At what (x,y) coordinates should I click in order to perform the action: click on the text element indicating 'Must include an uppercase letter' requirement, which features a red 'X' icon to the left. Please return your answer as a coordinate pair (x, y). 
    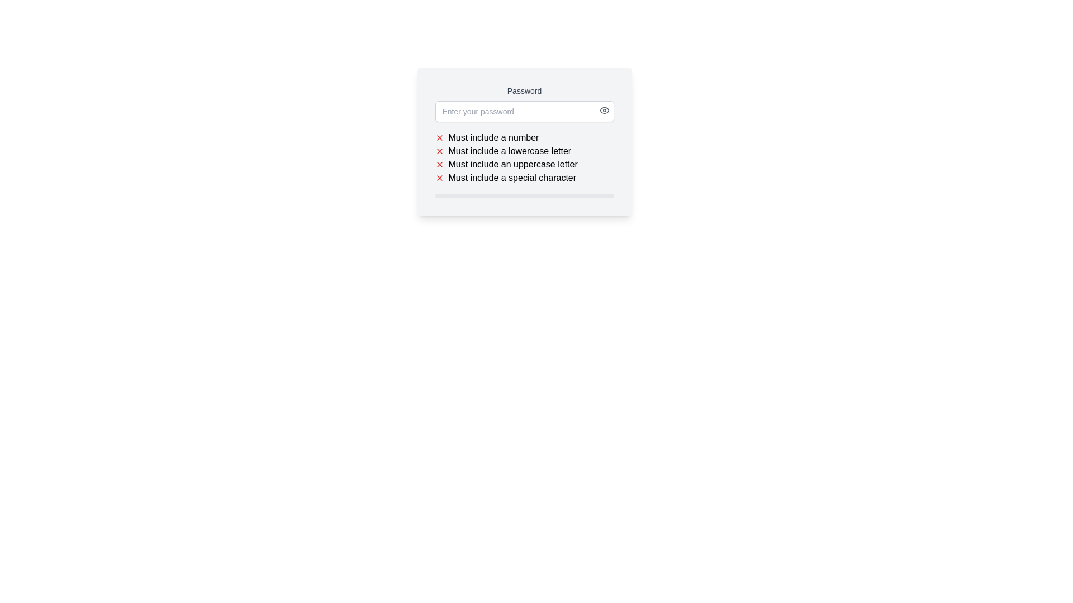
    Looking at the image, I should click on (524, 164).